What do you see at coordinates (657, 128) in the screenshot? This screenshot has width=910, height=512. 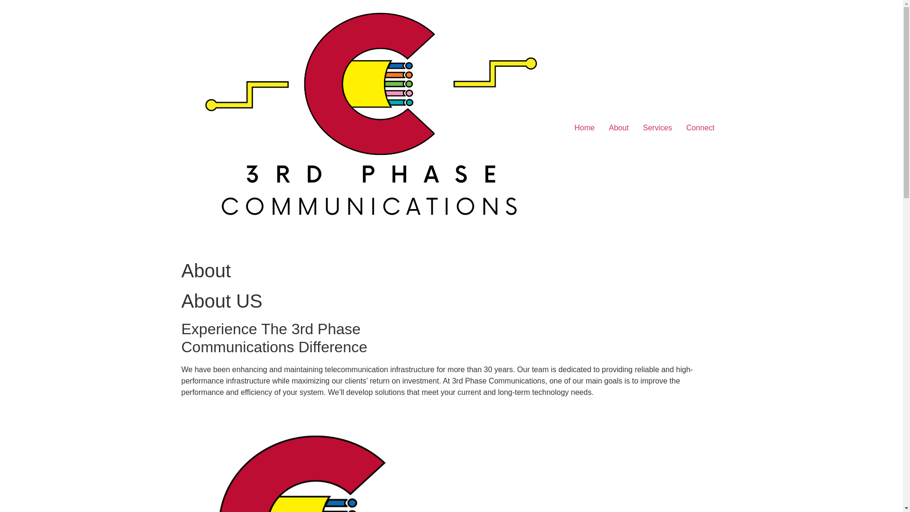 I see `'Services'` at bounding box center [657, 128].